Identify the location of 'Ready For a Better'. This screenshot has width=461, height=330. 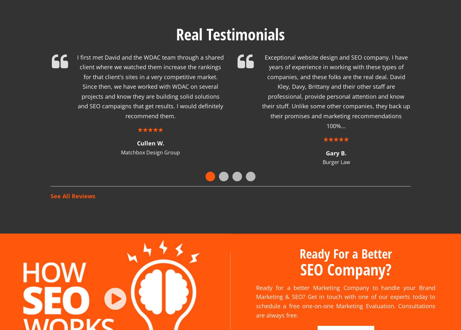
(346, 245).